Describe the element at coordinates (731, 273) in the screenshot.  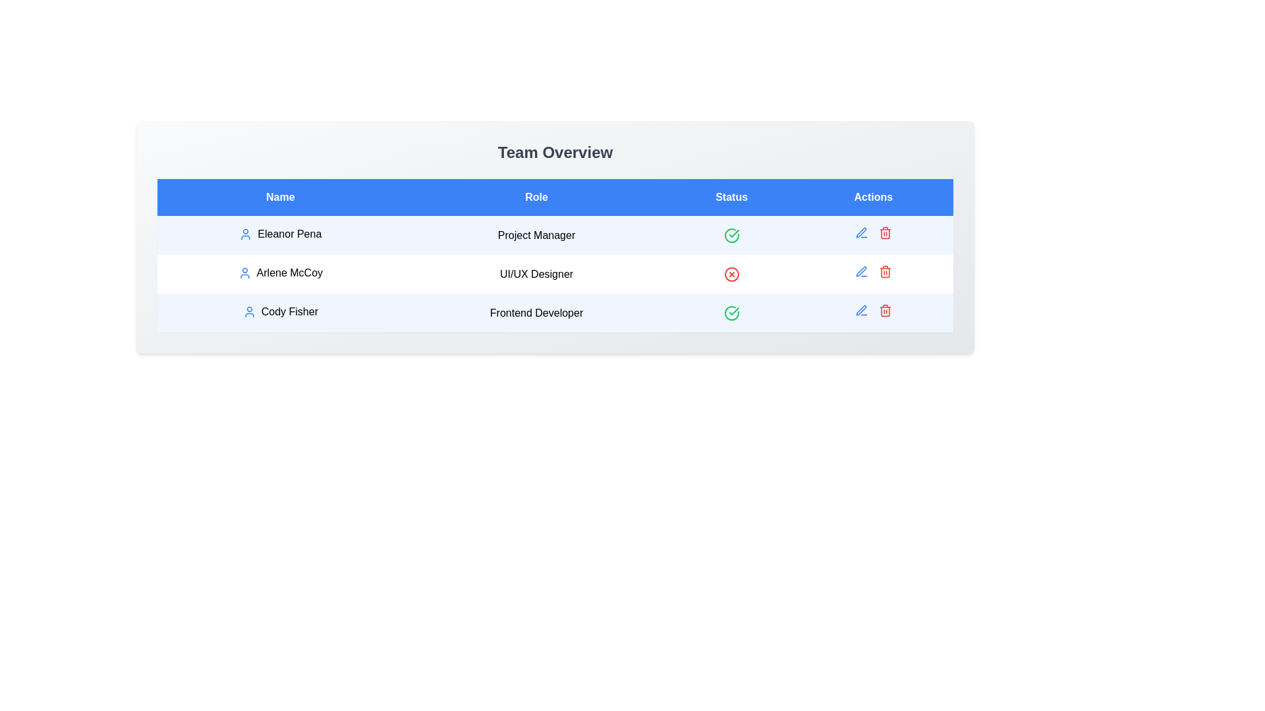
I see `the second graphical icon in the 'Status' column of the table, which indicates a negative or error state for the role 'UI/UX Designer'` at that location.